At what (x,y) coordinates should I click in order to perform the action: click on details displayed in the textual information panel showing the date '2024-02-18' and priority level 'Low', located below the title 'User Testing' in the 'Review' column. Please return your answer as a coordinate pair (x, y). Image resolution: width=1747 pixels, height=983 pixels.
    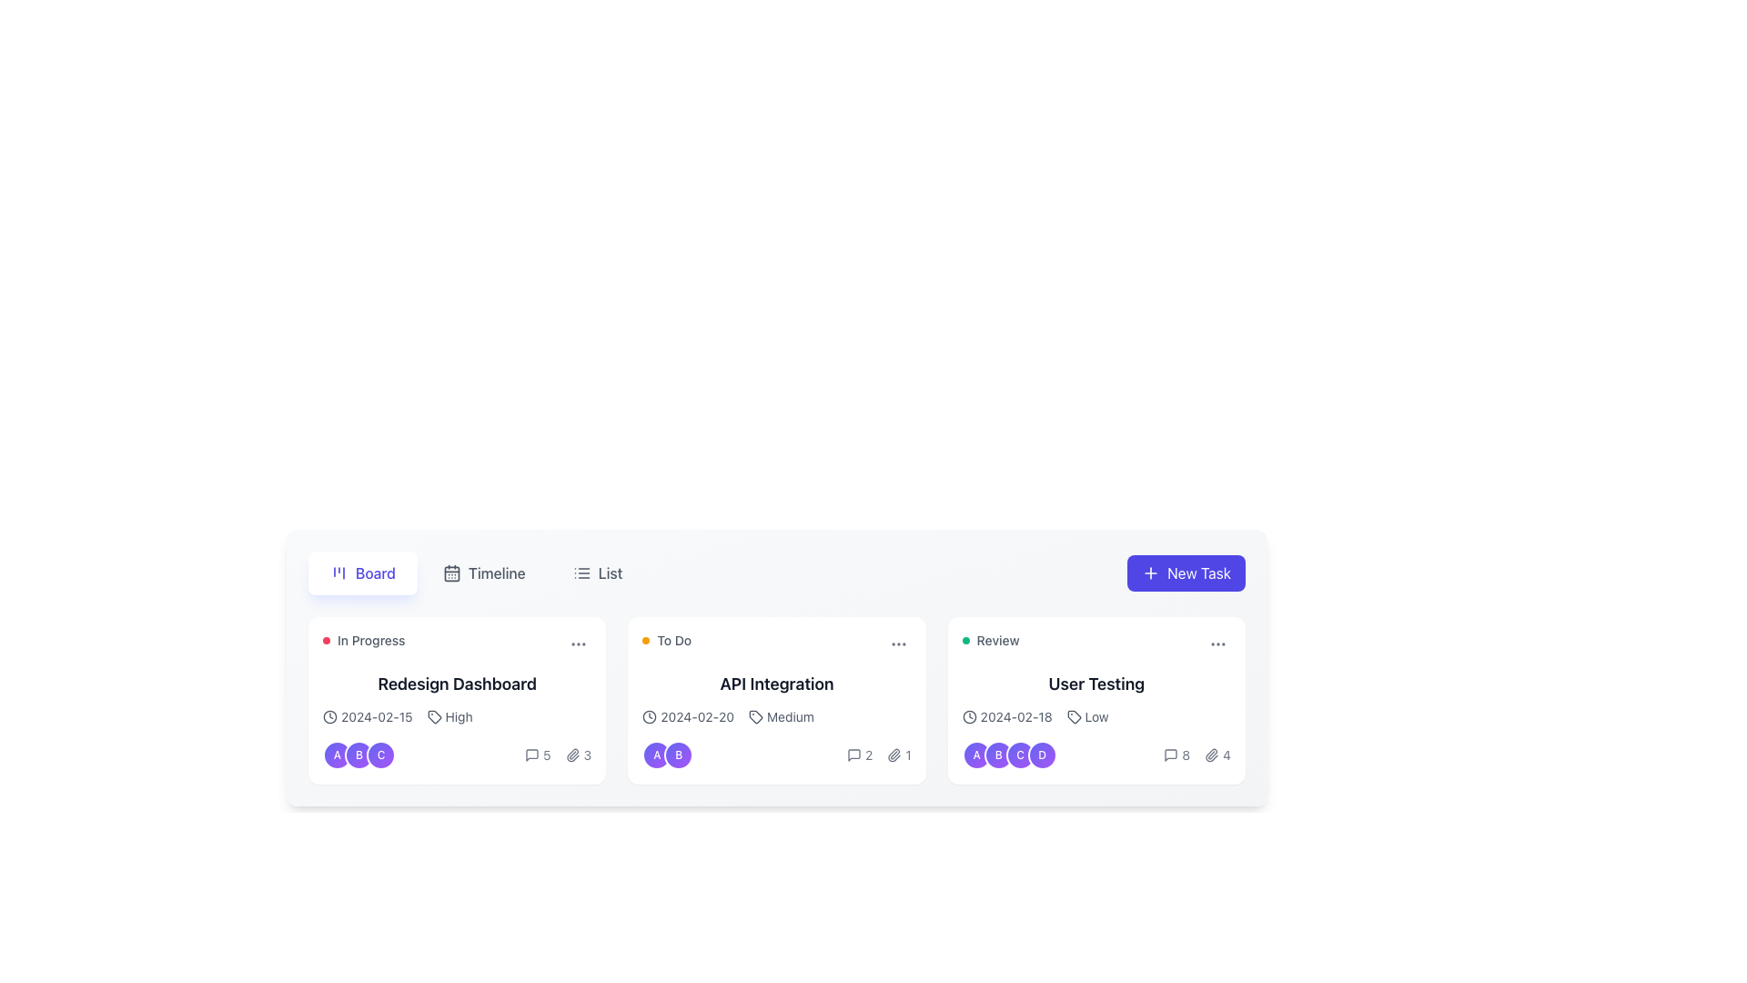
    Looking at the image, I should click on (1096, 715).